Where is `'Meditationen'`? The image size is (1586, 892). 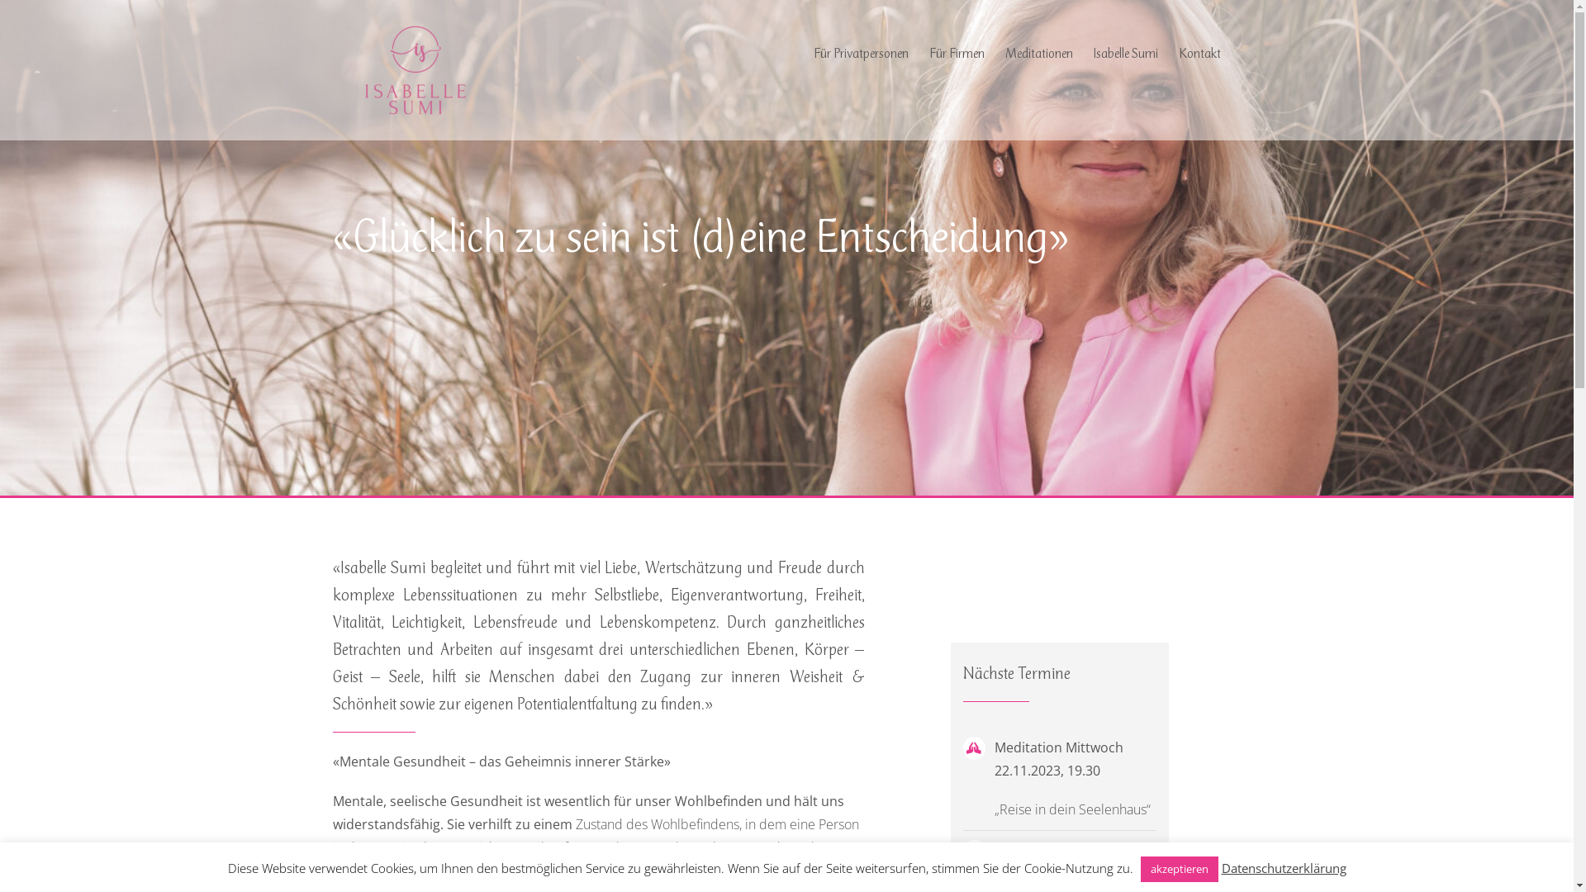 'Meditationen' is located at coordinates (1038, 52).